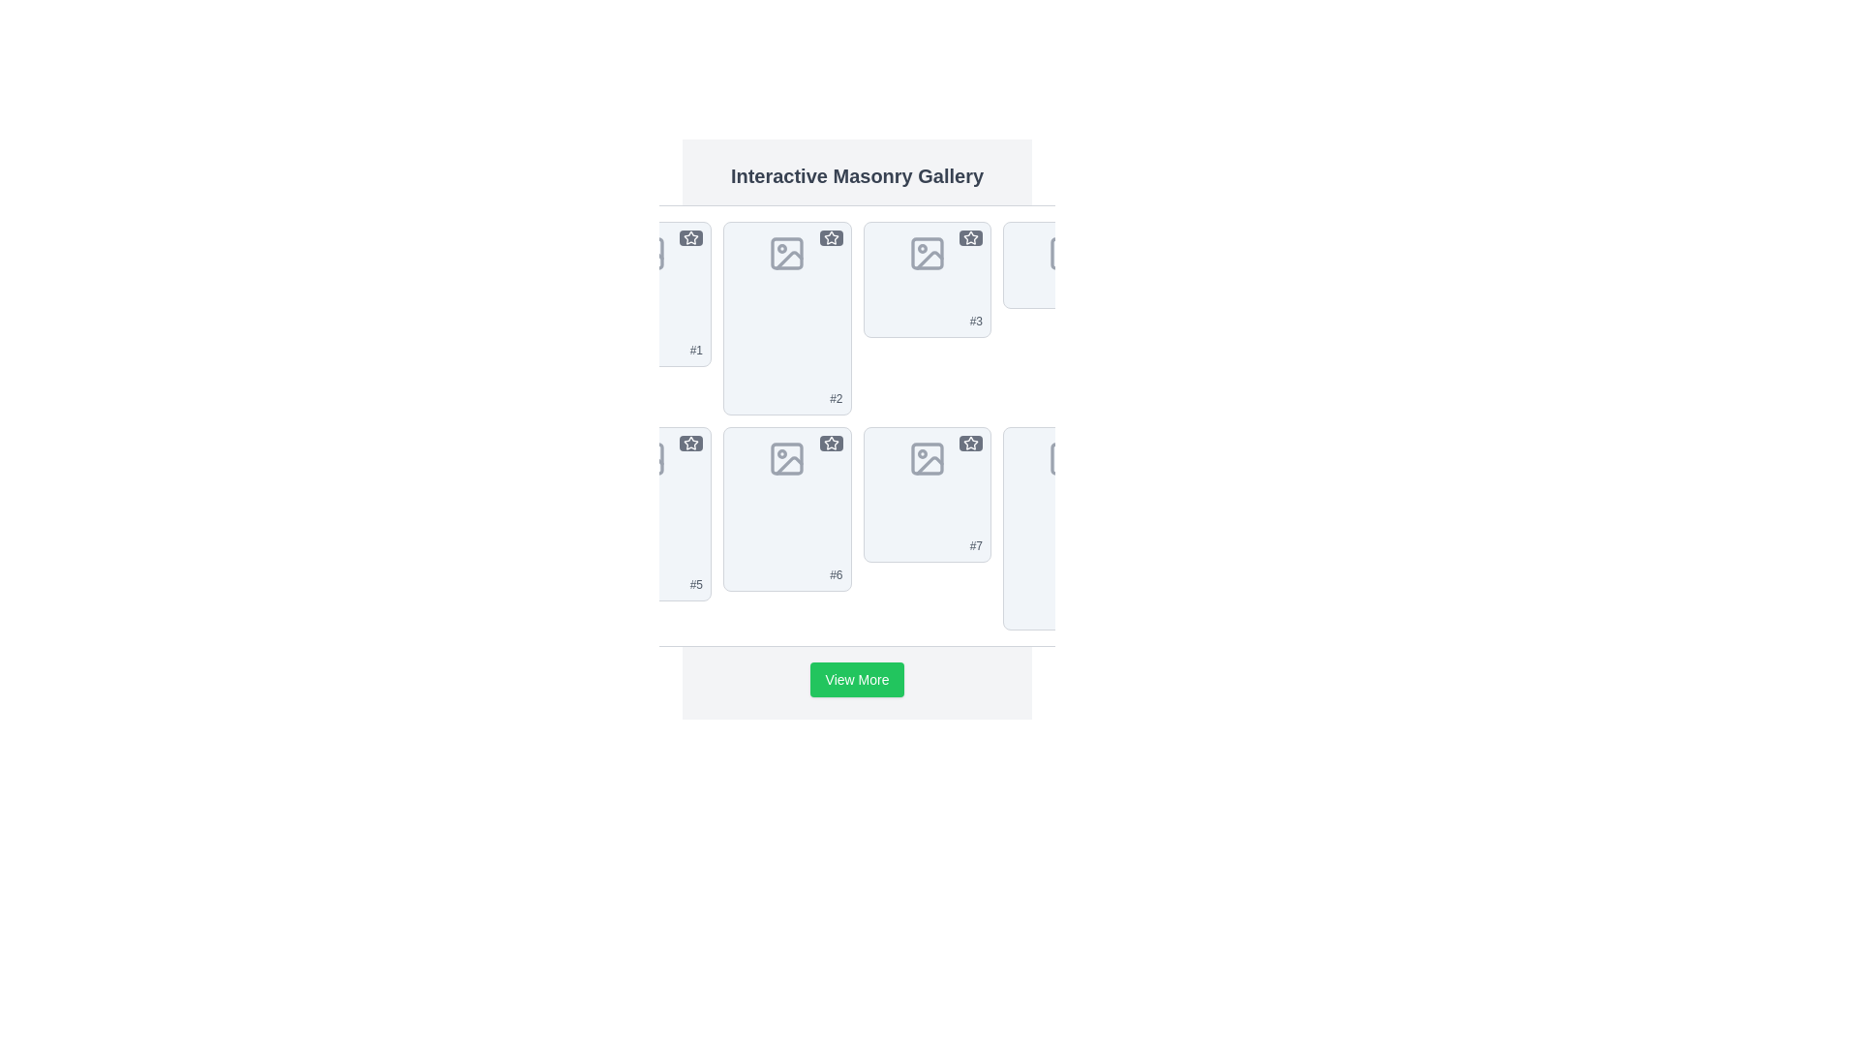 The image size is (1859, 1046). Describe the element at coordinates (831, 237) in the screenshot. I see `the small rectangular button with a gray background and a star icon located in the top-right corner of the second gallery card labeled '#2'` at that location.